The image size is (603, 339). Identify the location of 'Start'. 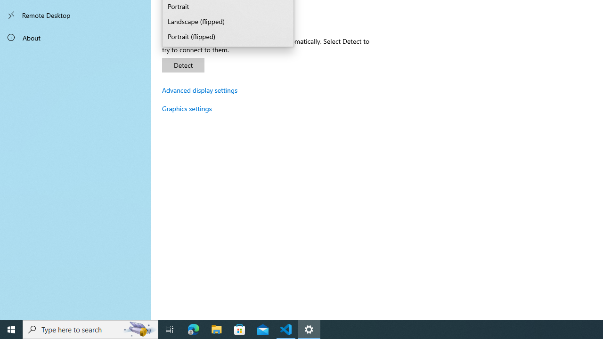
(11, 329).